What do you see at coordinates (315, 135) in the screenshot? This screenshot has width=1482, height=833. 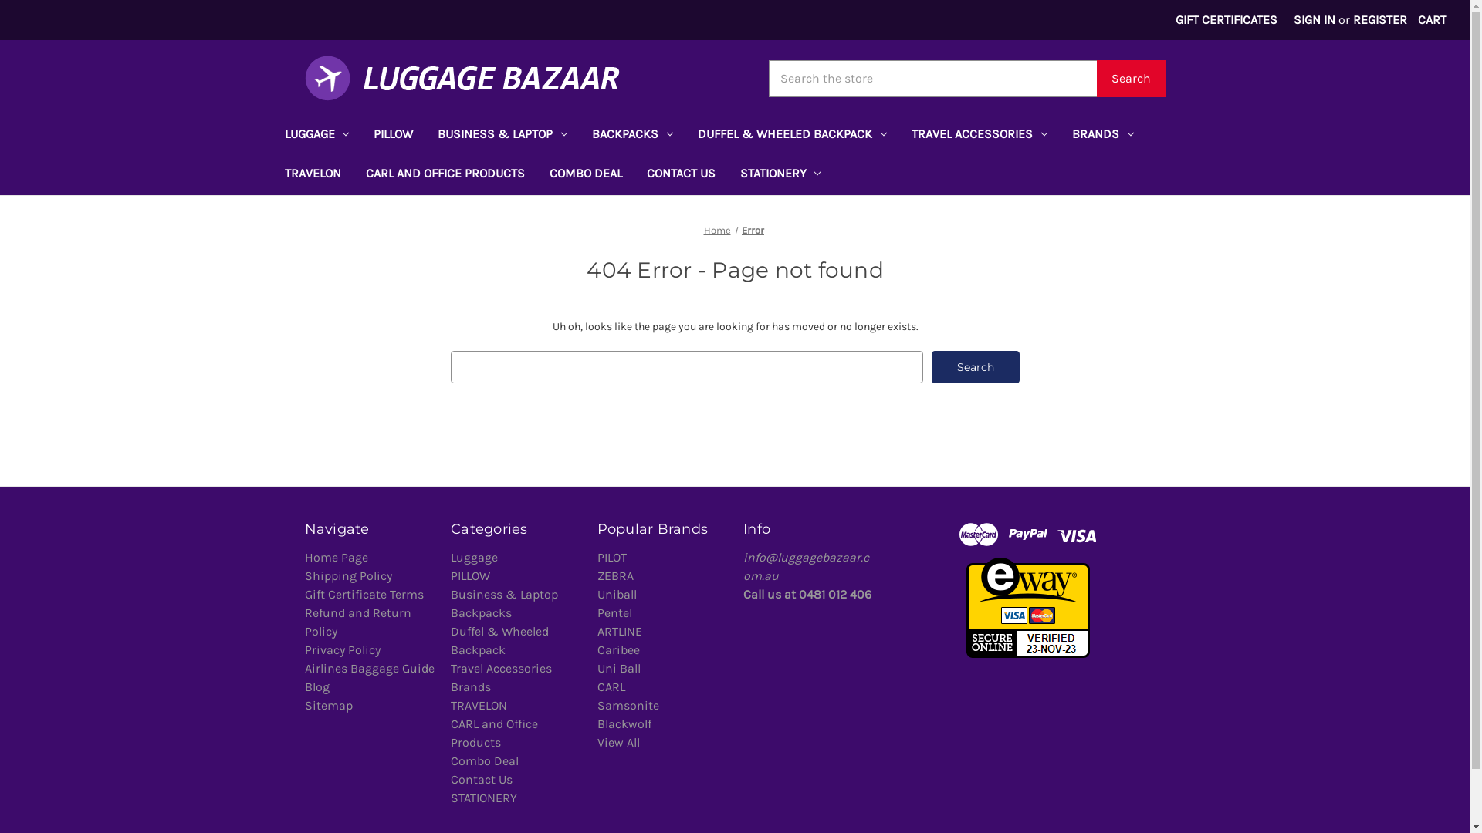 I see `'LUGGAGE'` at bounding box center [315, 135].